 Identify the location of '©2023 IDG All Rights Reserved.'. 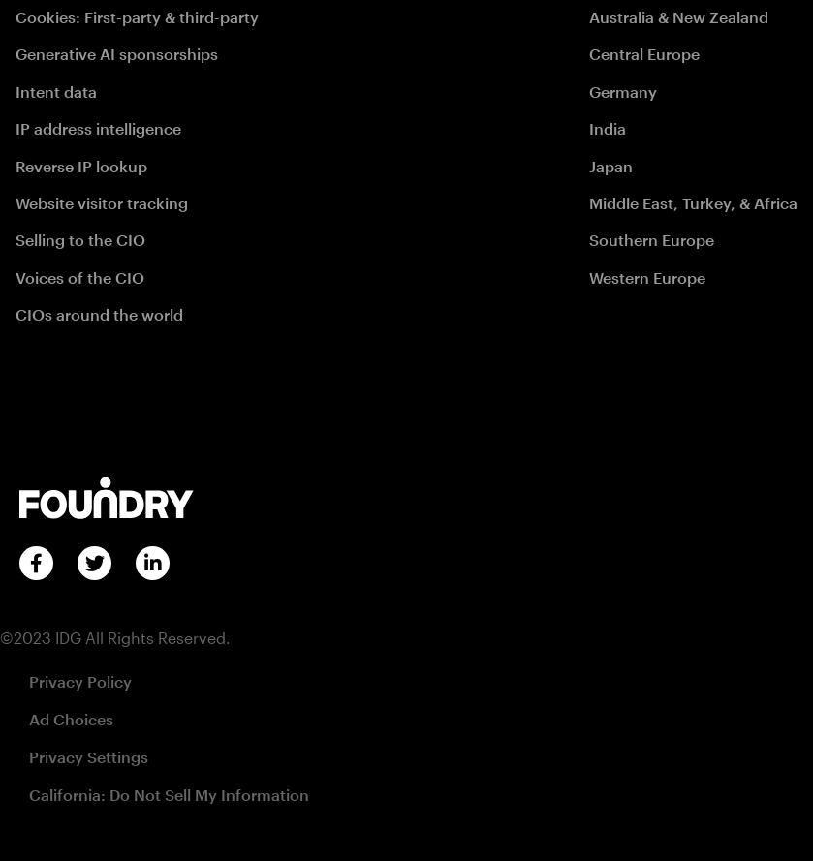
(0, 637).